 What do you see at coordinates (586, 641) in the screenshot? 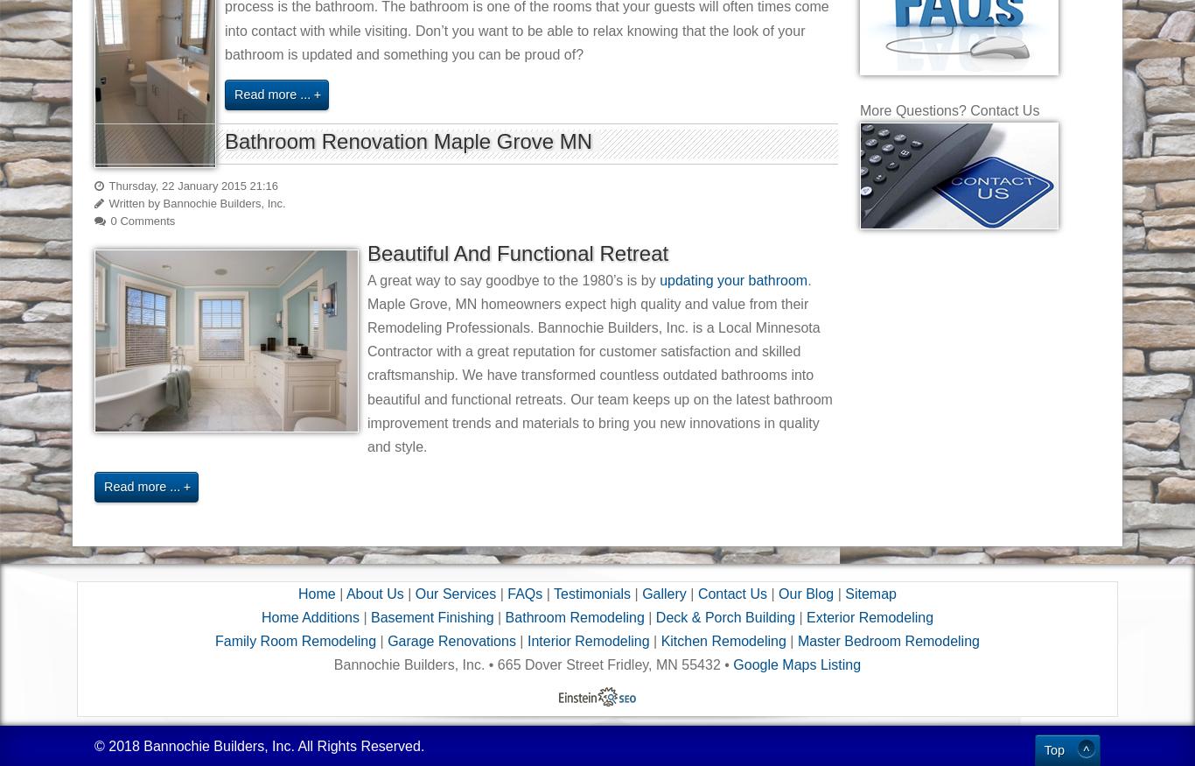
I see `'Interior Remodeling'` at bounding box center [586, 641].